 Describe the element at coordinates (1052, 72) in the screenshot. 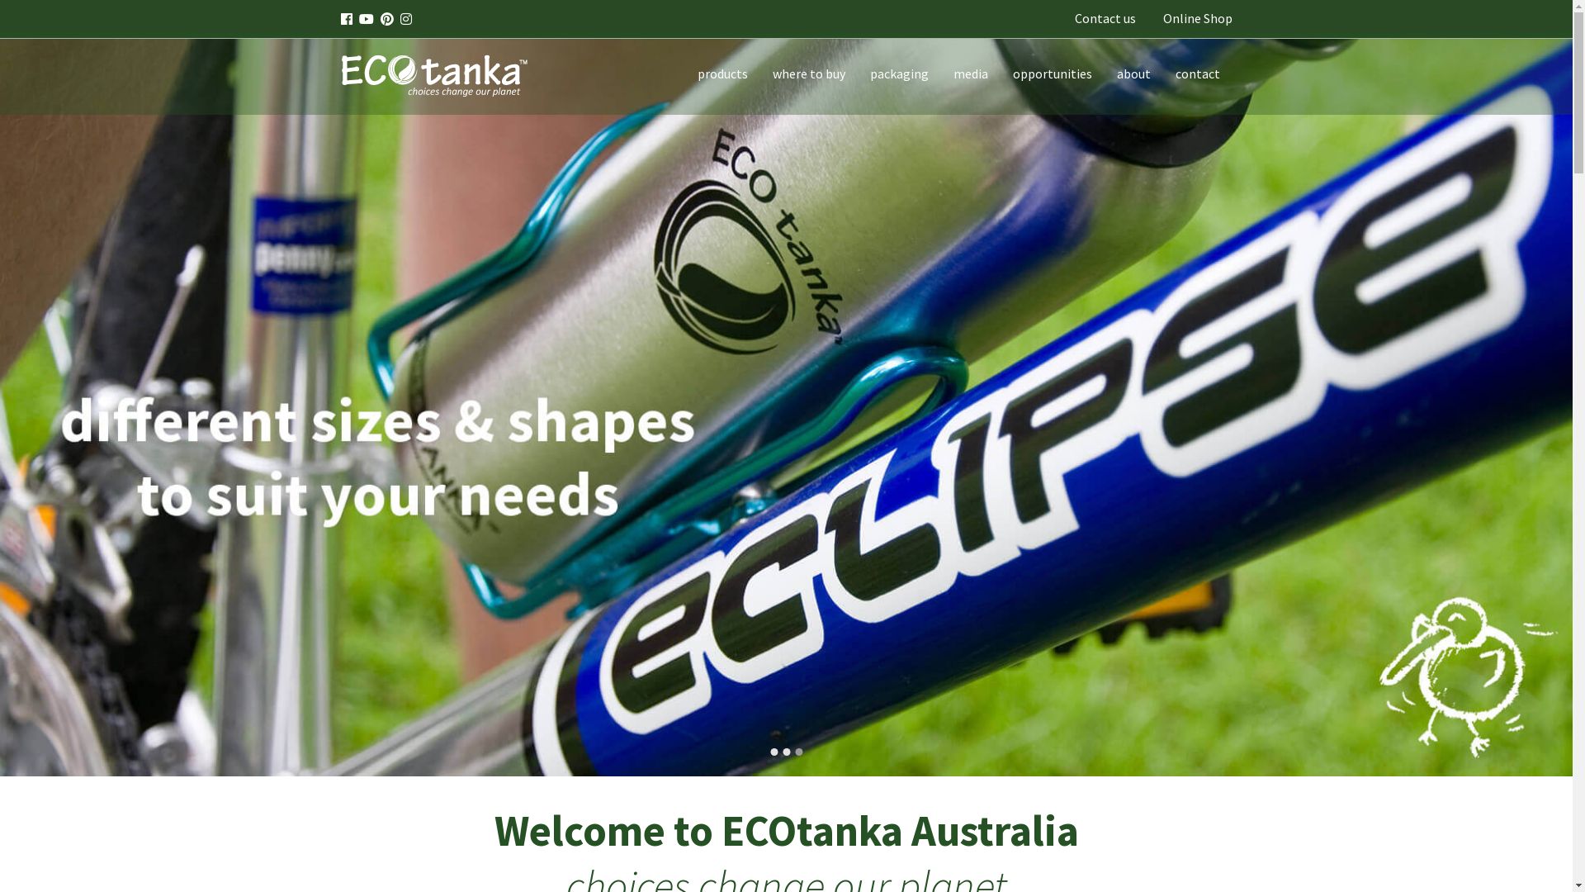

I see `'opportunities'` at that location.